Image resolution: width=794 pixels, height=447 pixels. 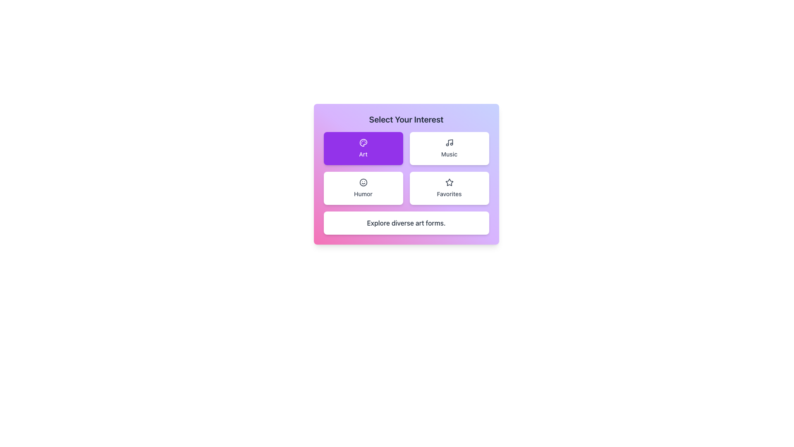 What do you see at coordinates (449, 194) in the screenshot?
I see `the label text describing user-favorited items located in the bottom-right quadrant of the grid, positioned underneath a star-shaped icon` at bounding box center [449, 194].